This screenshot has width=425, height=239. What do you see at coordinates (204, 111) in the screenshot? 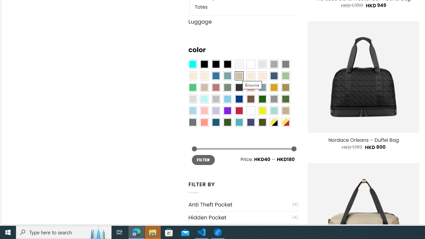
I see `'Pink'` at bounding box center [204, 111].